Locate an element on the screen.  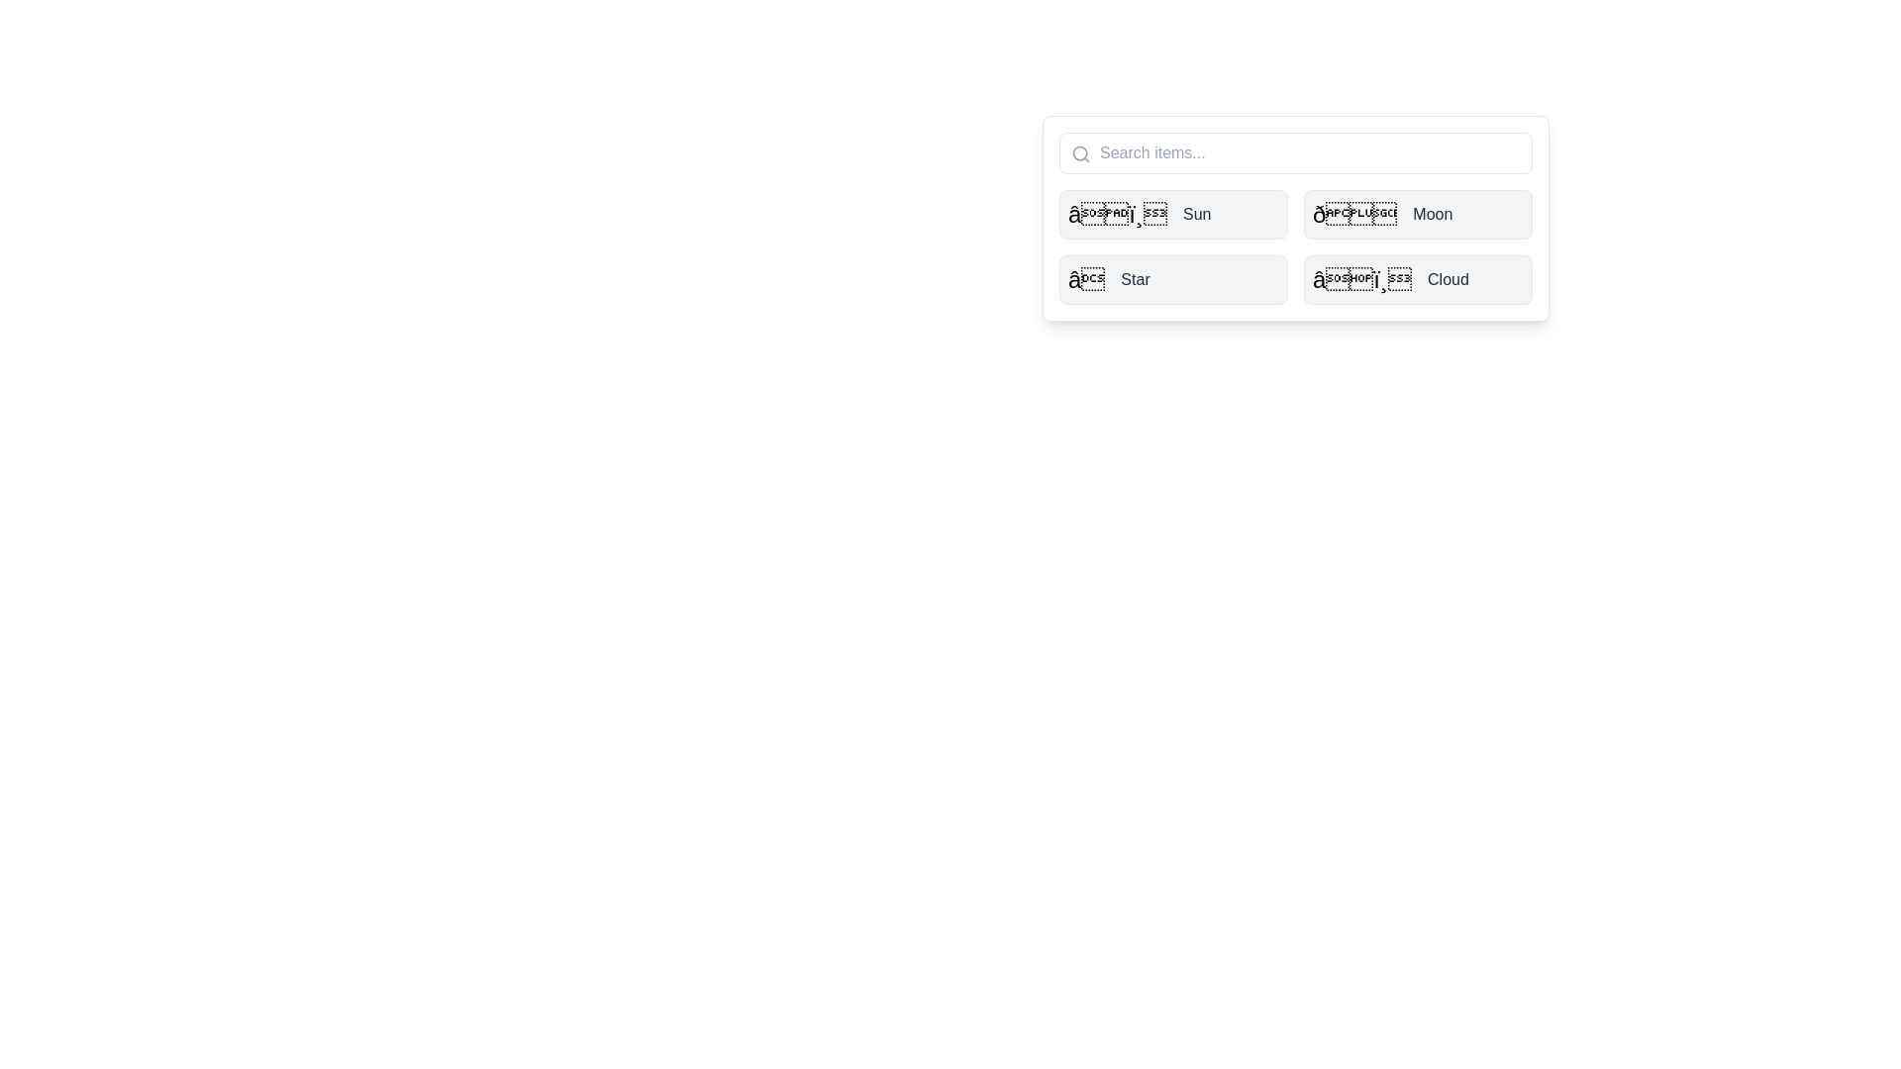
the rectangular button labeled 'Cloud' with a cloud icon on the left is located at coordinates (1417, 279).